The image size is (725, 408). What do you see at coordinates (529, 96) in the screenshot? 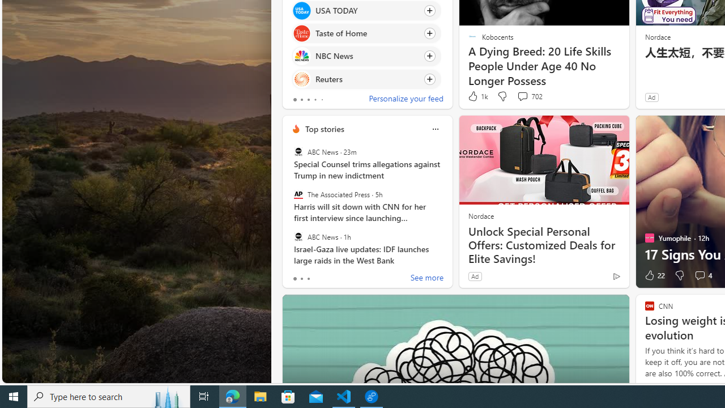
I see `'View comments 702 Comment'` at bounding box center [529, 96].